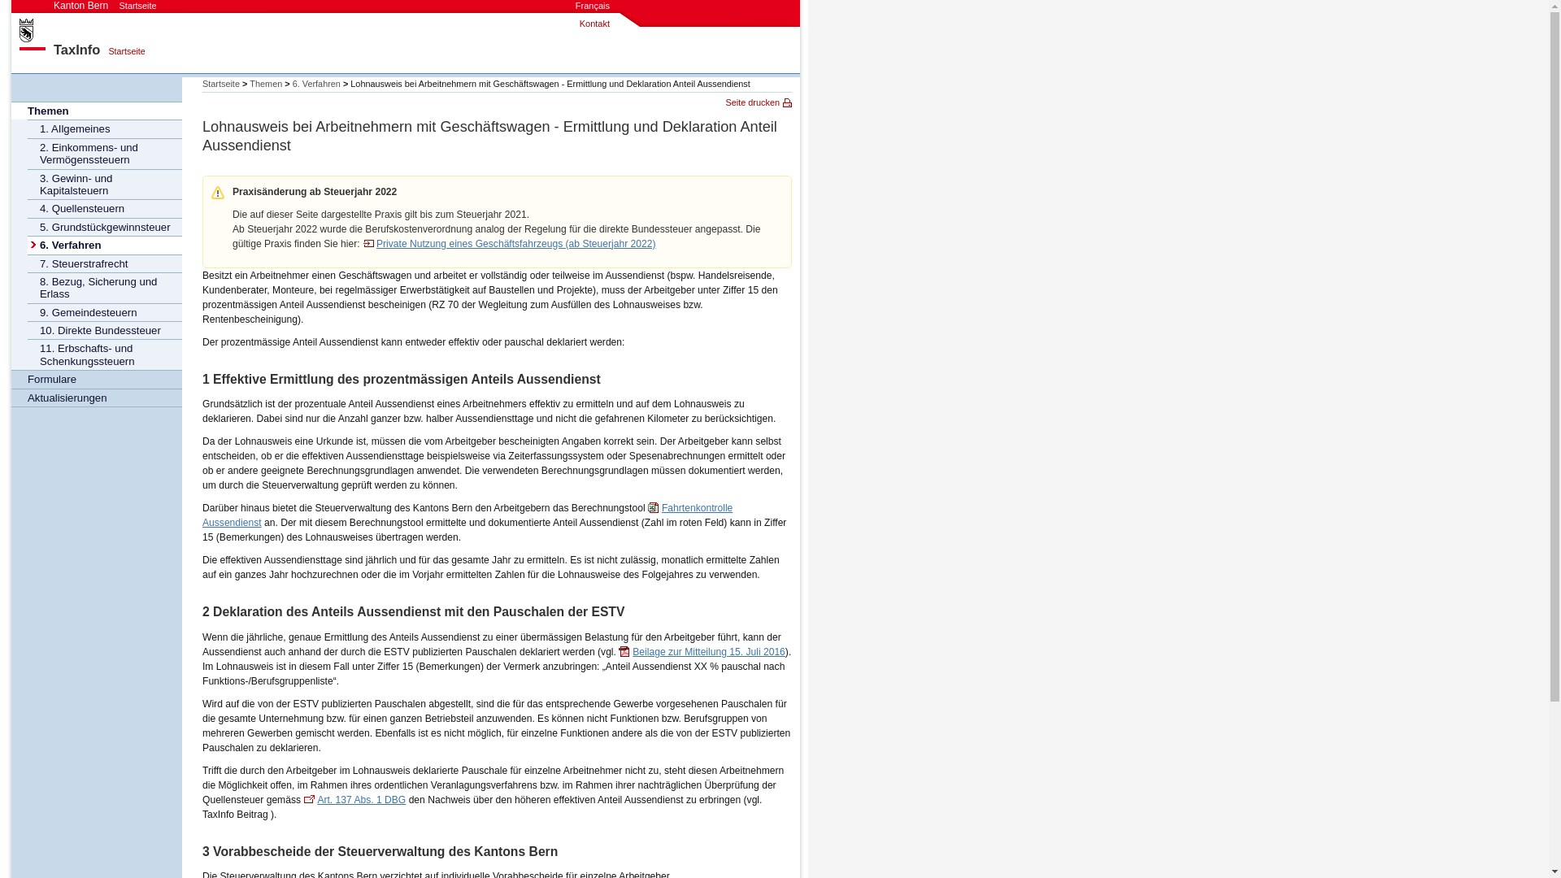 This screenshot has width=1561, height=878. I want to click on 'Kanton Bern Startseite', so click(104, 6).